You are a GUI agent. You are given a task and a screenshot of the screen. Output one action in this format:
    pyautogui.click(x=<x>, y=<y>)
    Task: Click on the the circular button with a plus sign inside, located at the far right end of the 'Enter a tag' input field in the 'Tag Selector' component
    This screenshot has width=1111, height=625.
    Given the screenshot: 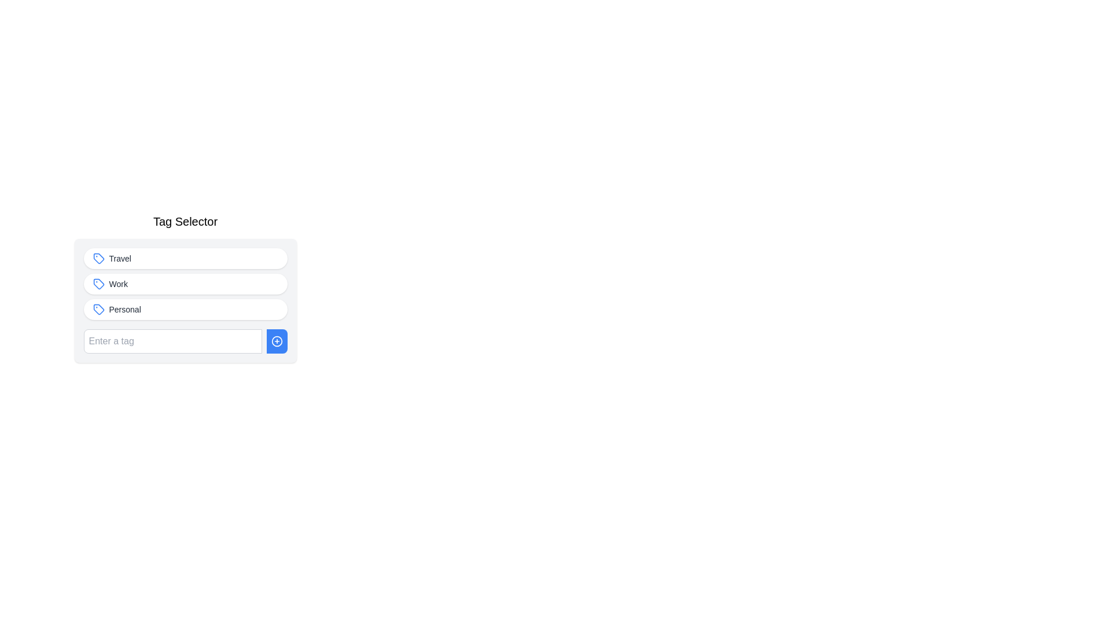 What is the action you would take?
    pyautogui.click(x=276, y=341)
    